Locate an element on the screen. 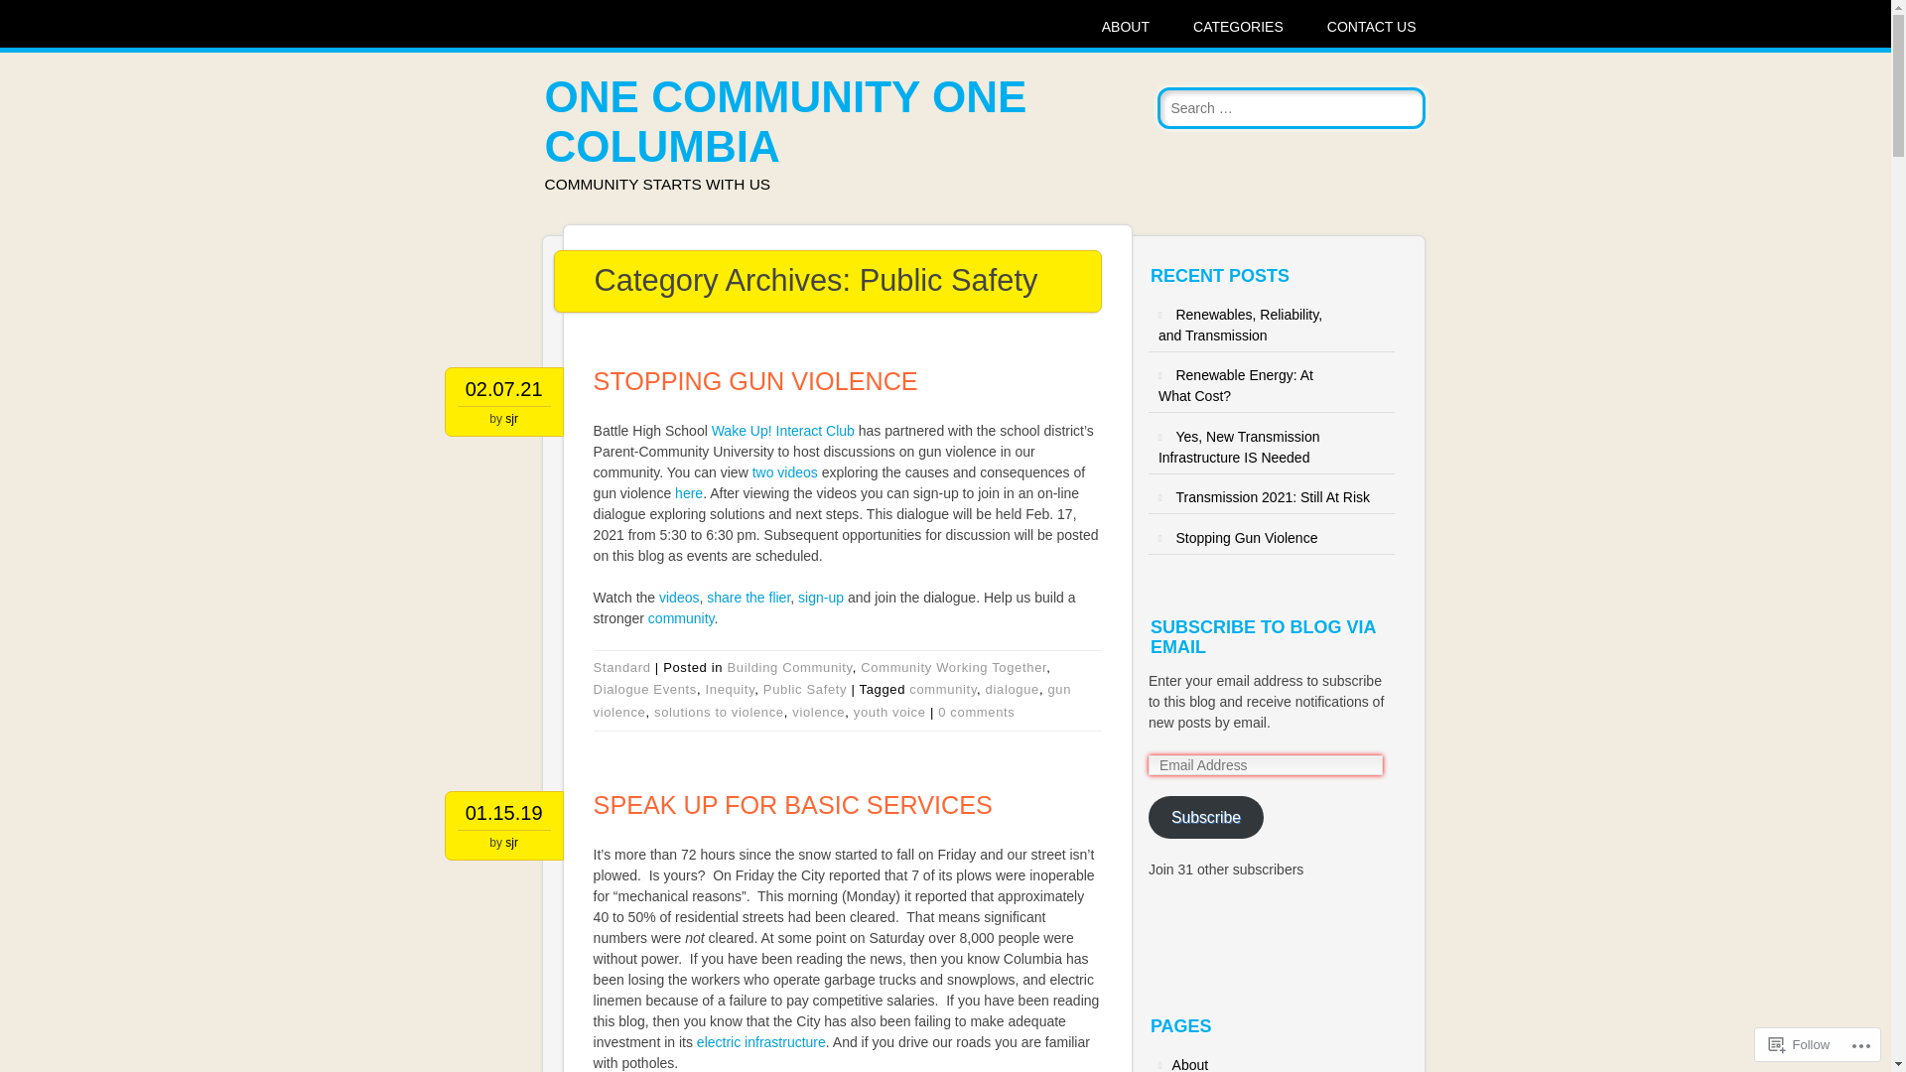 This screenshot has height=1072, width=1906. 'STOPPING GUN VIOLENCE' is located at coordinates (754, 381).